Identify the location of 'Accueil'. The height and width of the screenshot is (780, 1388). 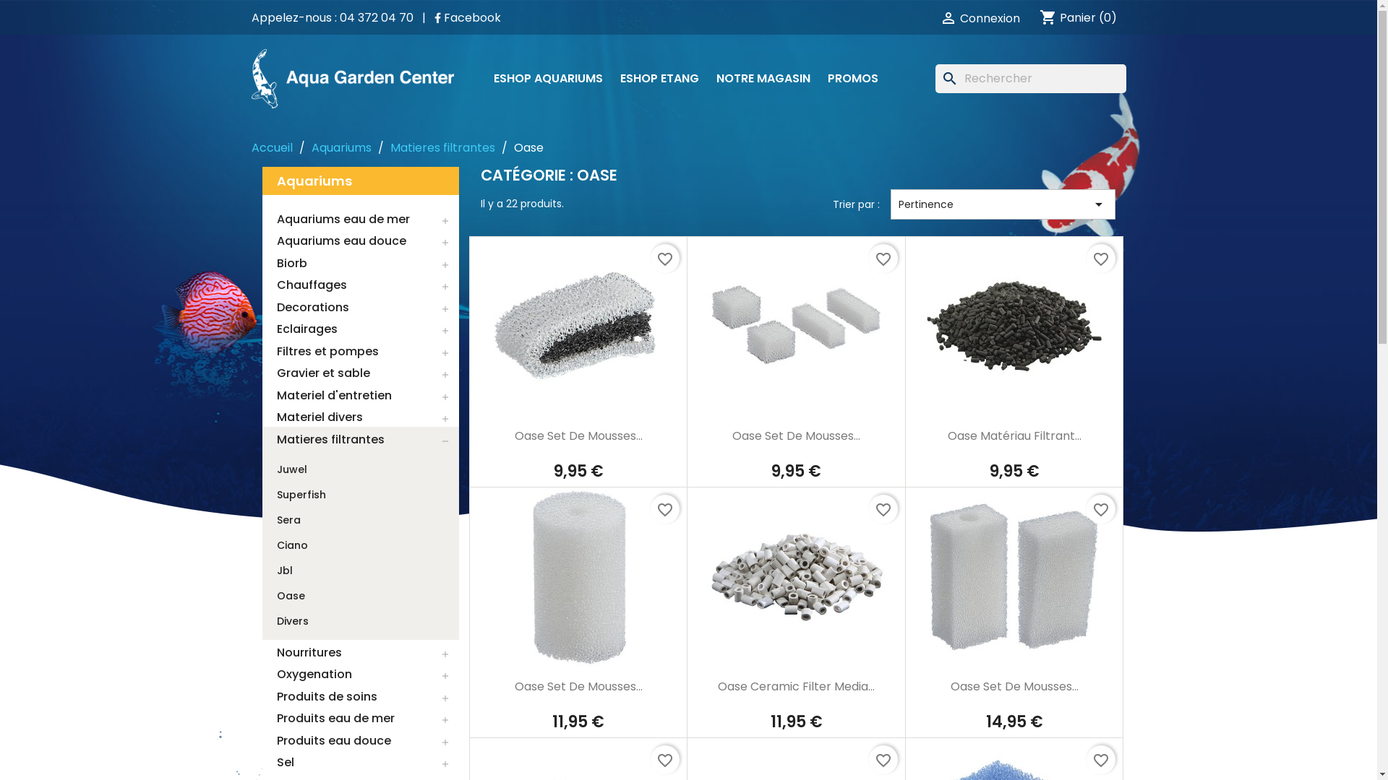
(272, 147).